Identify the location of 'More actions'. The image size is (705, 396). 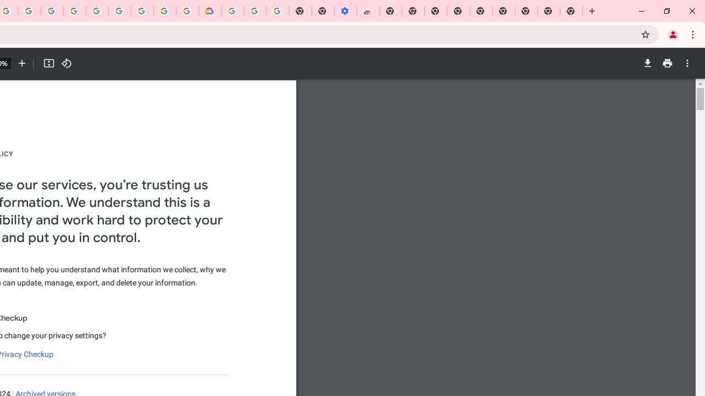
(687, 63).